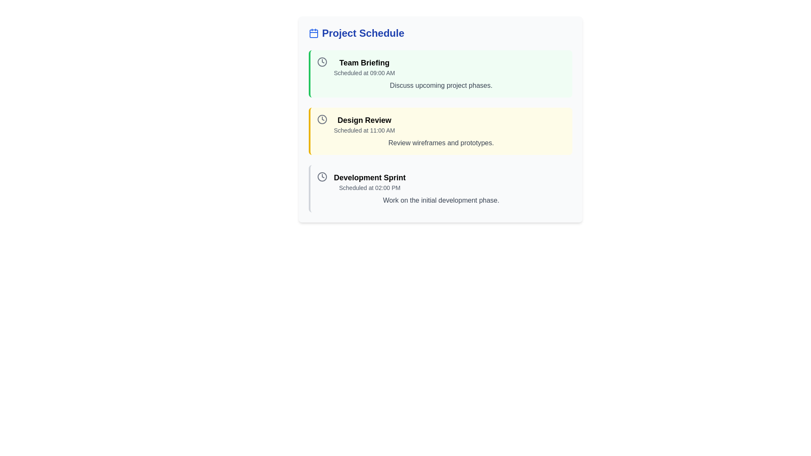 The width and height of the screenshot is (811, 456). What do you see at coordinates (370, 182) in the screenshot?
I see `information displayed in the Text Display element titled 'Development Sprint' located below 'Team Briefing' and 'Design Review'` at bounding box center [370, 182].